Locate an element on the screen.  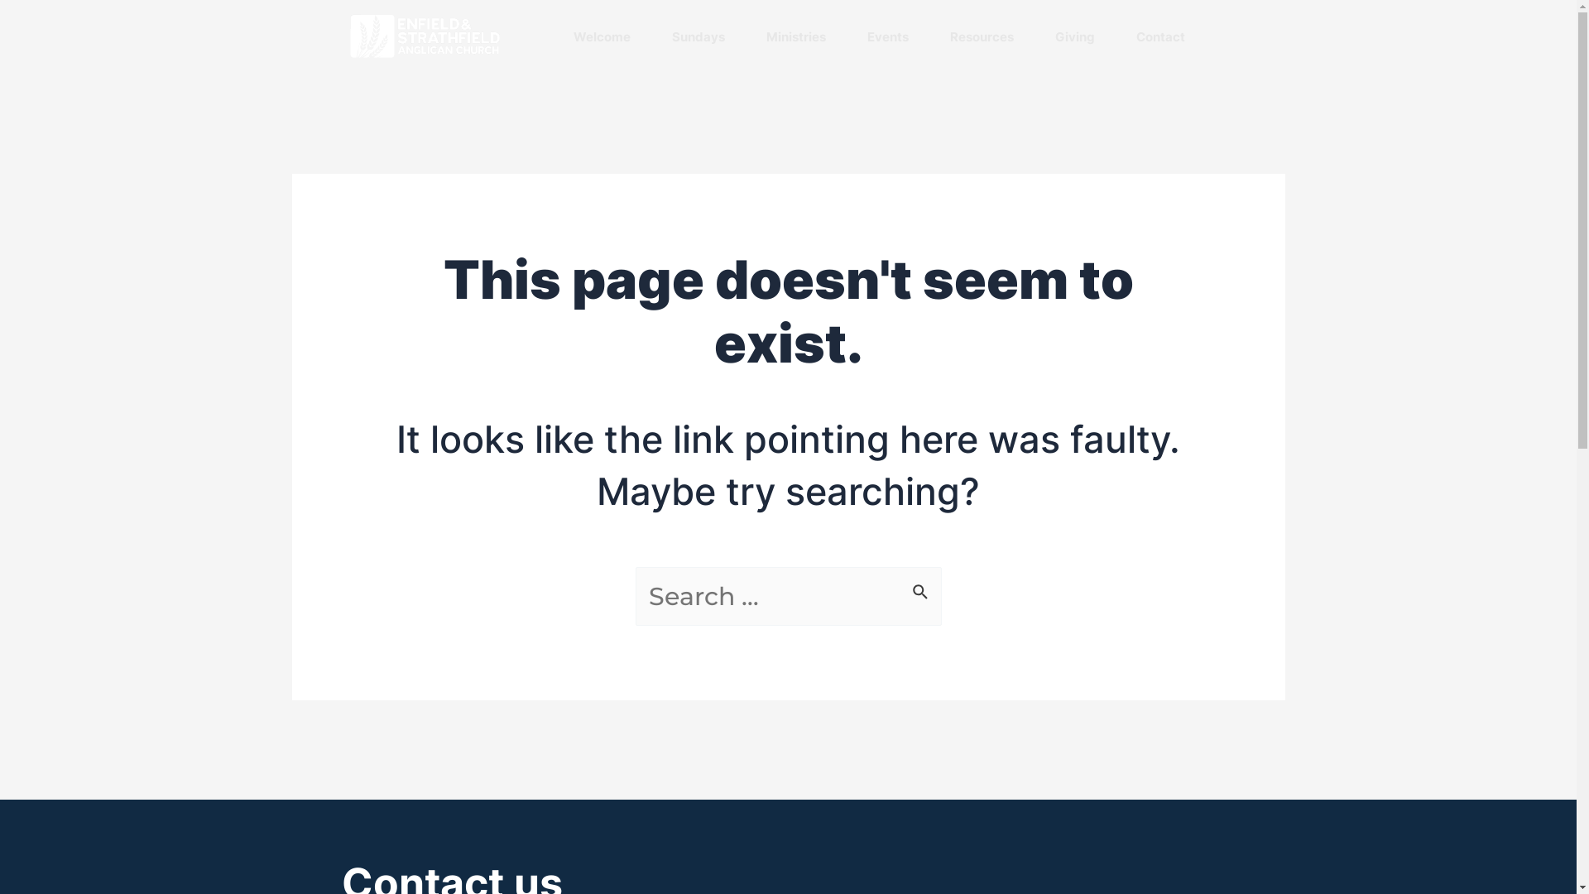
'Events' is located at coordinates (887, 36).